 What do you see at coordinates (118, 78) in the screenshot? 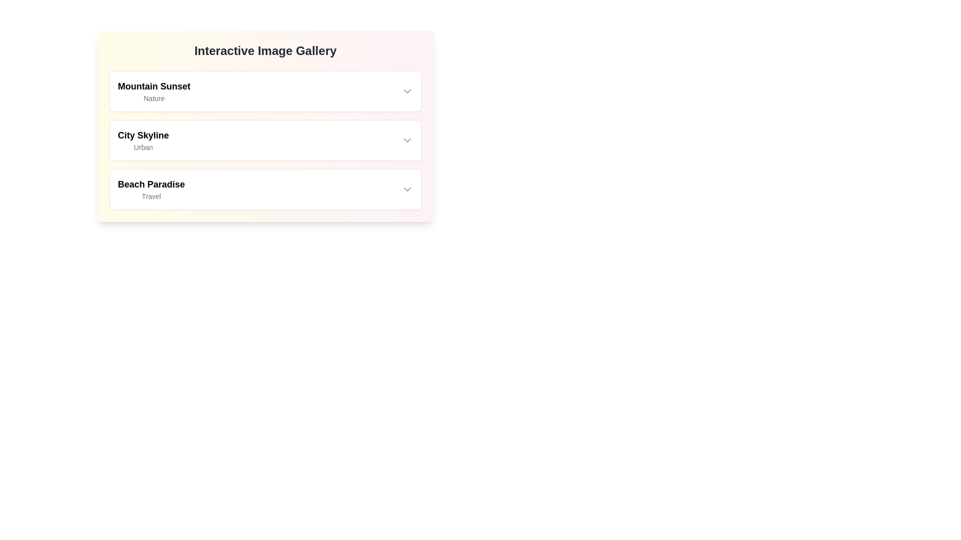
I see `the text 'Mountain Sunset' by dragging the mouse over it` at bounding box center [118, 78].